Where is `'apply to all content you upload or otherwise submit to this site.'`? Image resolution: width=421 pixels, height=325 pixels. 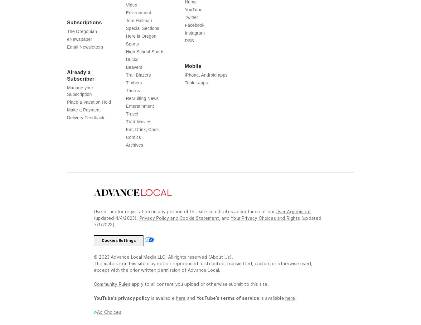
'apply to all content you upload or otherwise submit to this site.' is located at coordinates (131, 296).